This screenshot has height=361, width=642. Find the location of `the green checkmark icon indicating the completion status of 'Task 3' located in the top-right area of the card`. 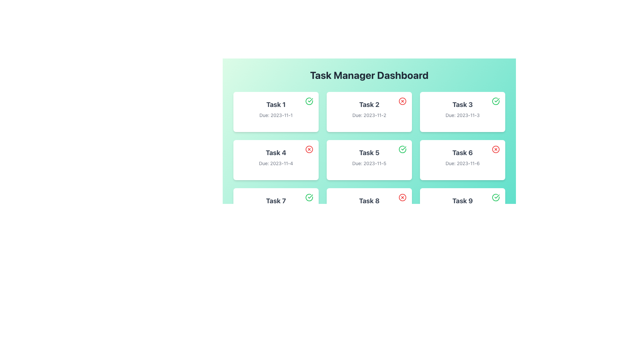

the green checkmark icon indicating the completion status of 'Task 3' located in the top-right area of the card is located at coordinates (497, 196).